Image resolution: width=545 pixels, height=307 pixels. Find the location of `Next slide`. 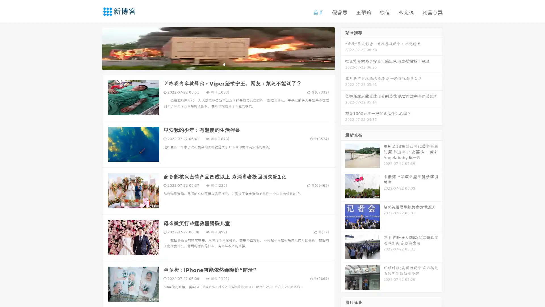

Next slide is located at coordinates (343, 48).